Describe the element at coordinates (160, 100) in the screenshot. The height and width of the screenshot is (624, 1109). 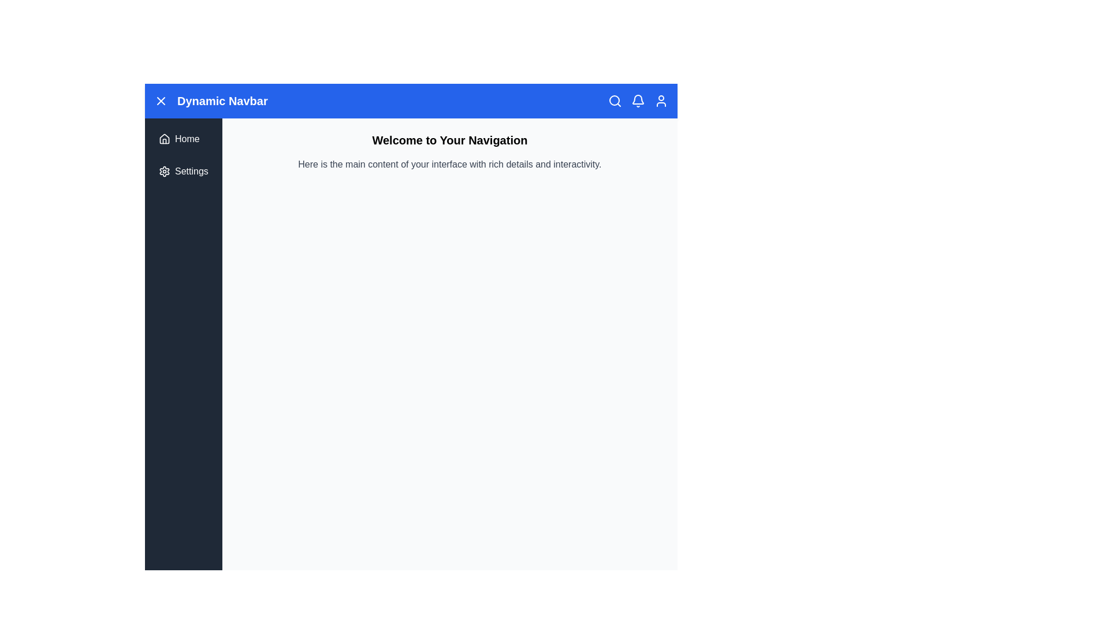
I see `the red cross icon located at the top-left corner of the navigation bar near the 'Dynamic Navbar' title` at that location.